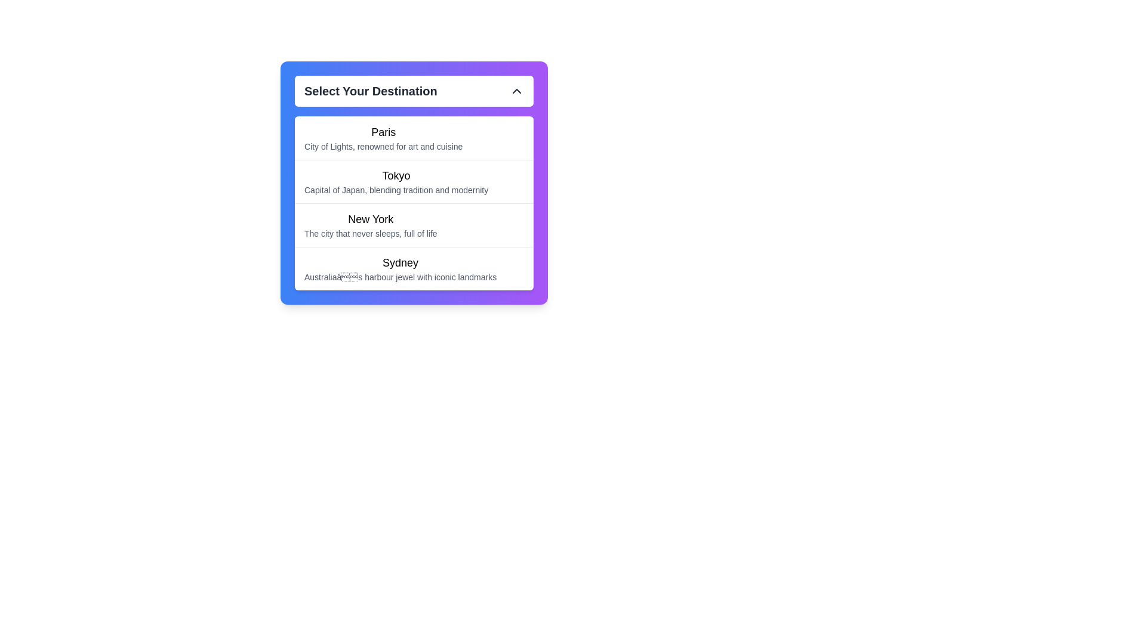  I want to click on the List Item element displaying 'Tokyo' which shows the subtitle 'Capital of Japan, blending tradition and modernity', so click(414, 181).